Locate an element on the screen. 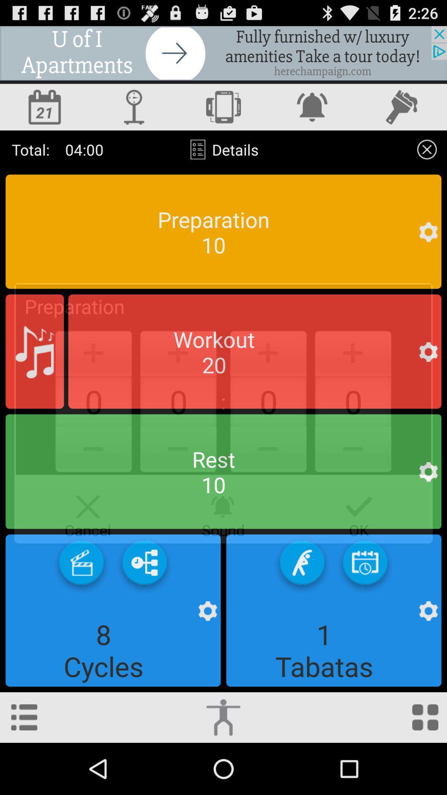  the date_range icon is located at coordinates (45, 114).